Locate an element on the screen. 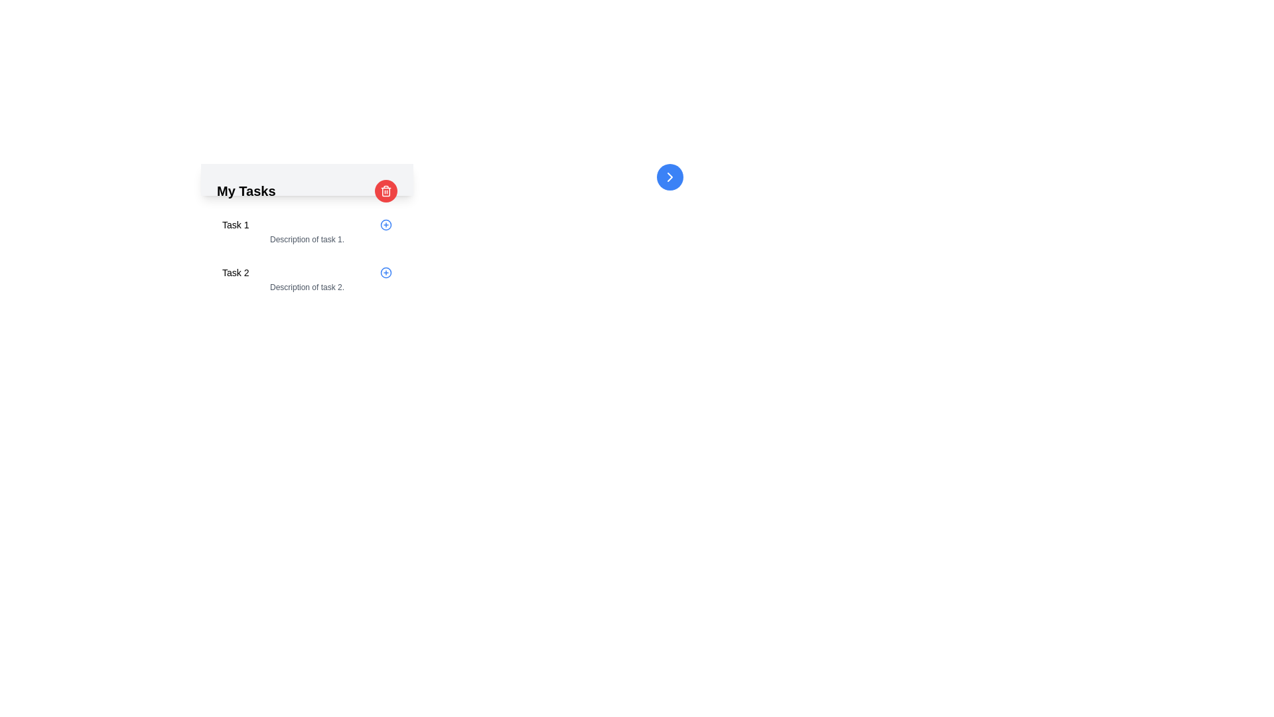 The width and height of the screenshot is (1274, 717). the red circular trash can icon located is located at coordinates (385, 191).